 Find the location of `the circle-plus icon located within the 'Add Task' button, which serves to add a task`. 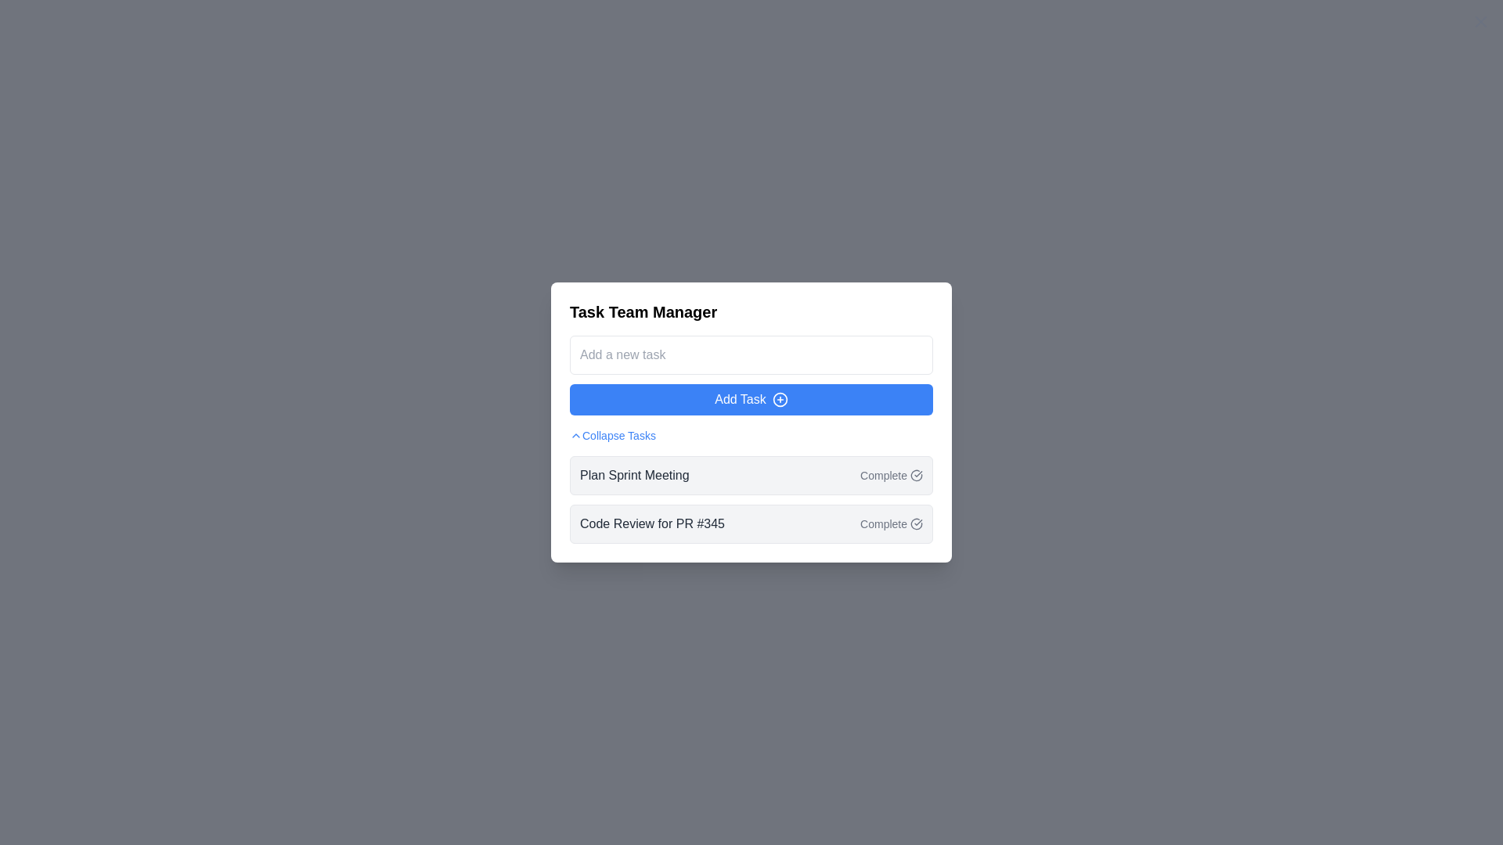

the circle-plus icon located within the 'Add Task' button, which serves to add a task is located at coordinates (780, 398).